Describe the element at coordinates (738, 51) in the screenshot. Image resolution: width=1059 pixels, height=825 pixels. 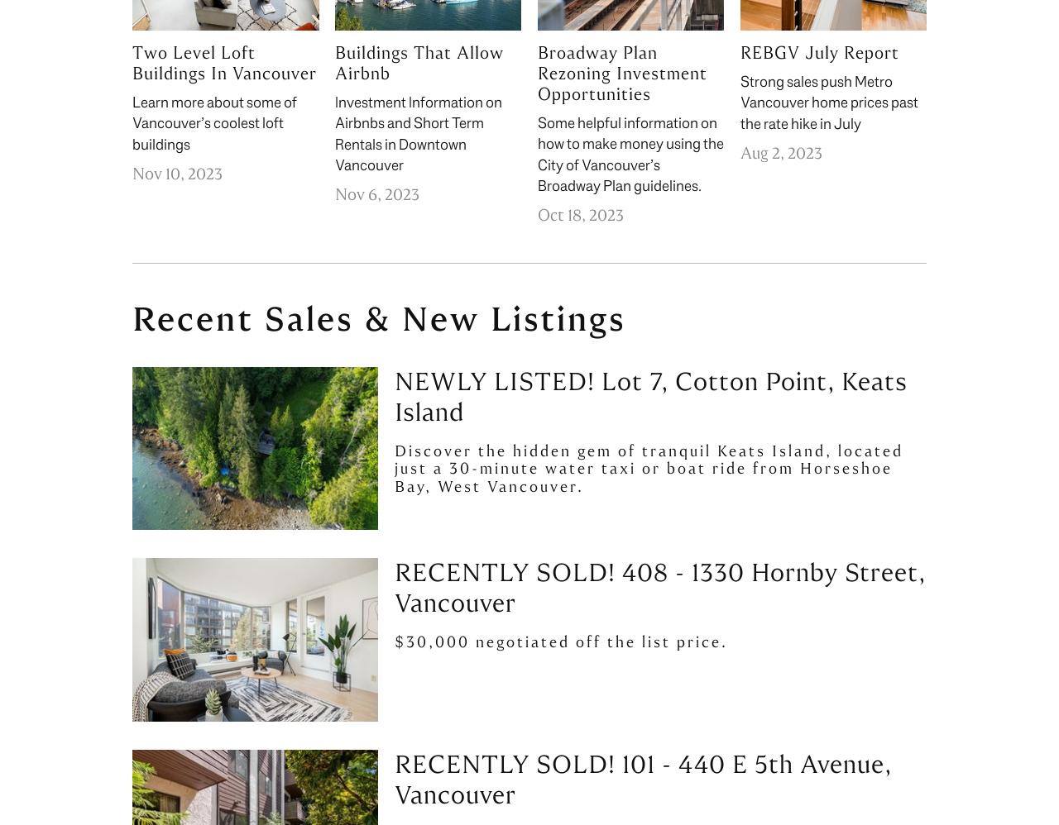
I see `'REBGV July Report'` at that location.